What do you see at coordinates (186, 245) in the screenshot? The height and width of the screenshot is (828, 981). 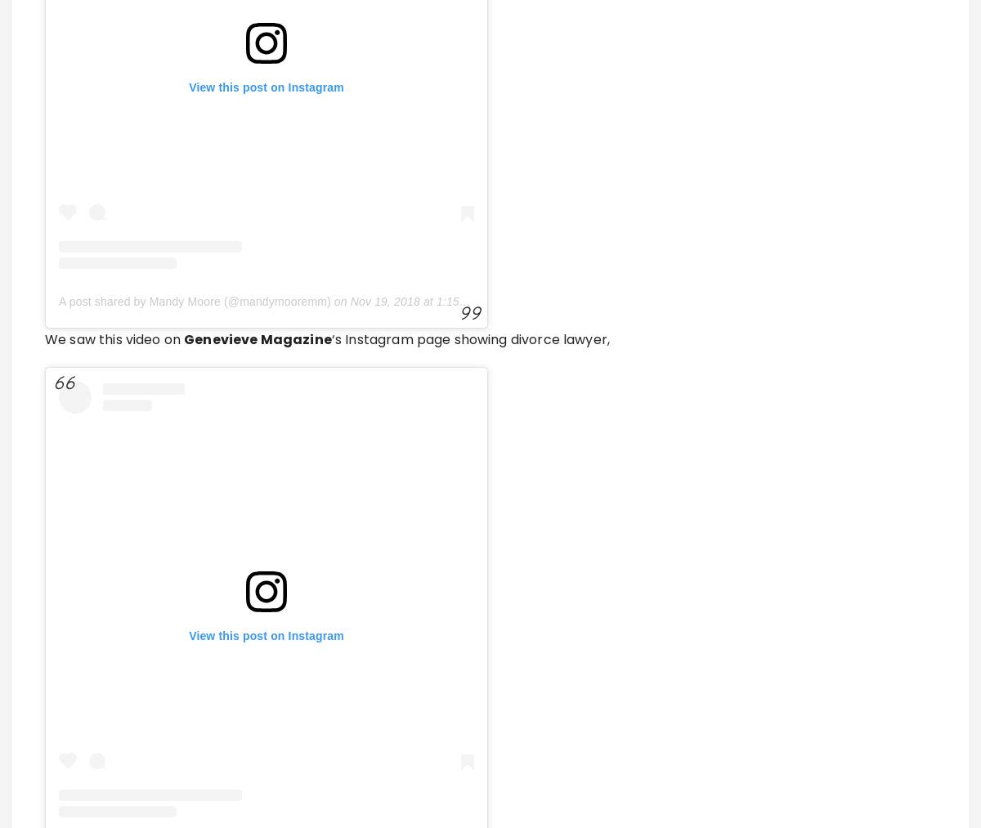 I see `'Previous Post'` at bounding box center [186, 245].